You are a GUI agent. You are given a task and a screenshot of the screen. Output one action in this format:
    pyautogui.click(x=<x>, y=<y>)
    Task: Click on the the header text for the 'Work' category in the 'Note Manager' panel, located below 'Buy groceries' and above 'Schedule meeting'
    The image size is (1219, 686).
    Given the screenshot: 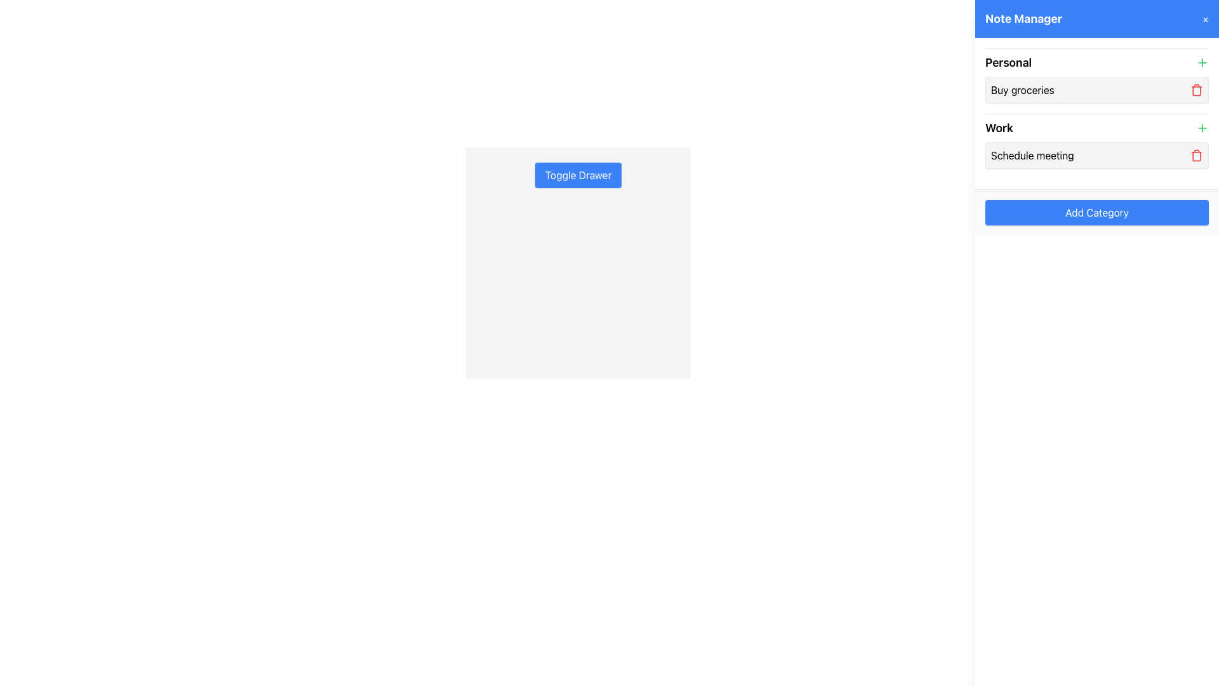 What is the action you would take?
    pyautogui.click(x=999, y=128)
    